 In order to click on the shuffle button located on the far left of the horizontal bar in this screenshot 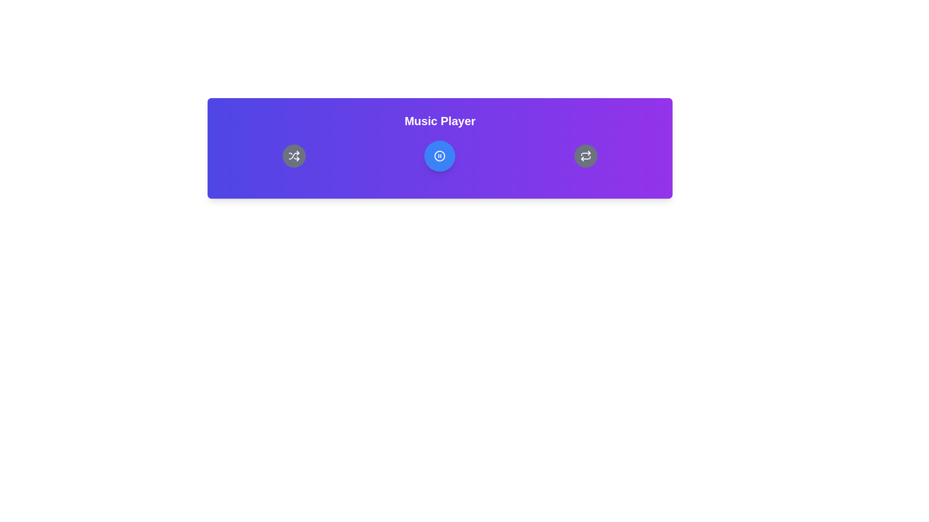, I will do `click(293, 156)`.